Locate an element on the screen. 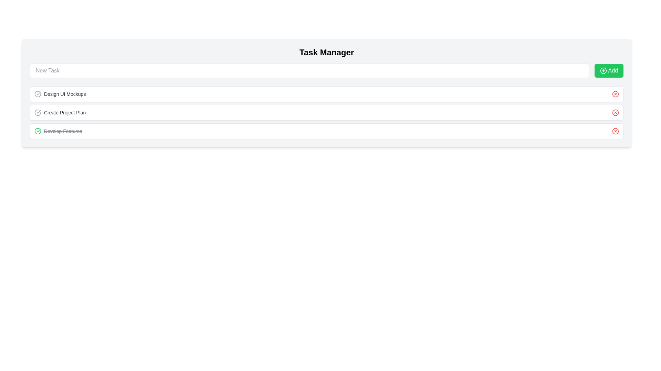 The width and height of the screenshot is (661, 371). the circular green outlined button icon with a white background and a plus sign at its center, located within the 'Add' button next to the text label 'Add' is located at coordinates (603, 70).